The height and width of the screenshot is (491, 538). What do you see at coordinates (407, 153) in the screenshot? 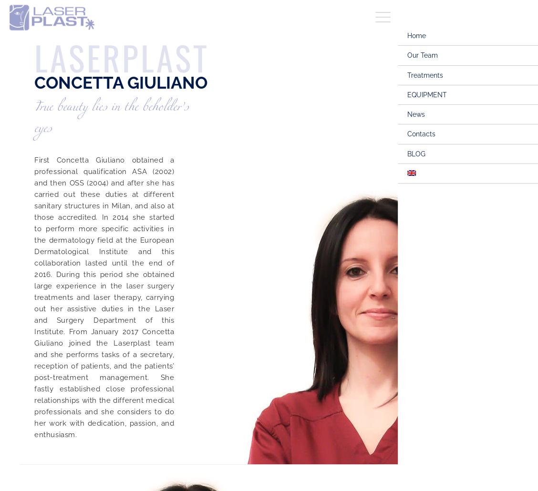
I see `'BLOG'` at bounding box center [407, 153].